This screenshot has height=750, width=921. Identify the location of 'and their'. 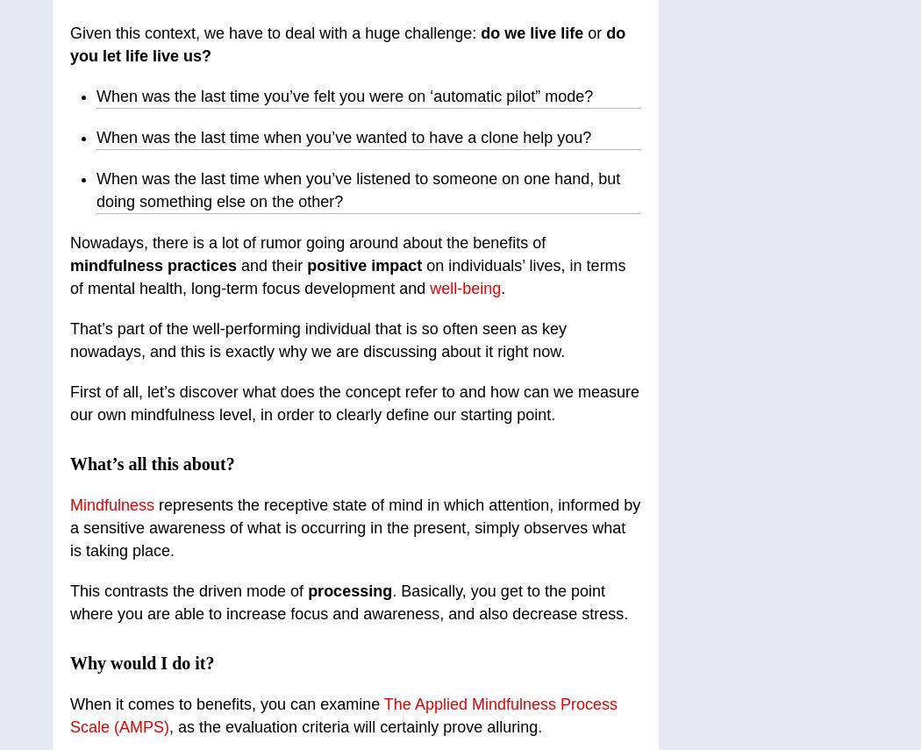
(271, 265).